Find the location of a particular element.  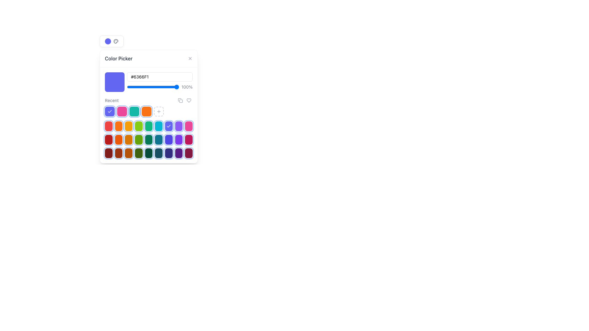

the slider is located at coordinates (175, 87).